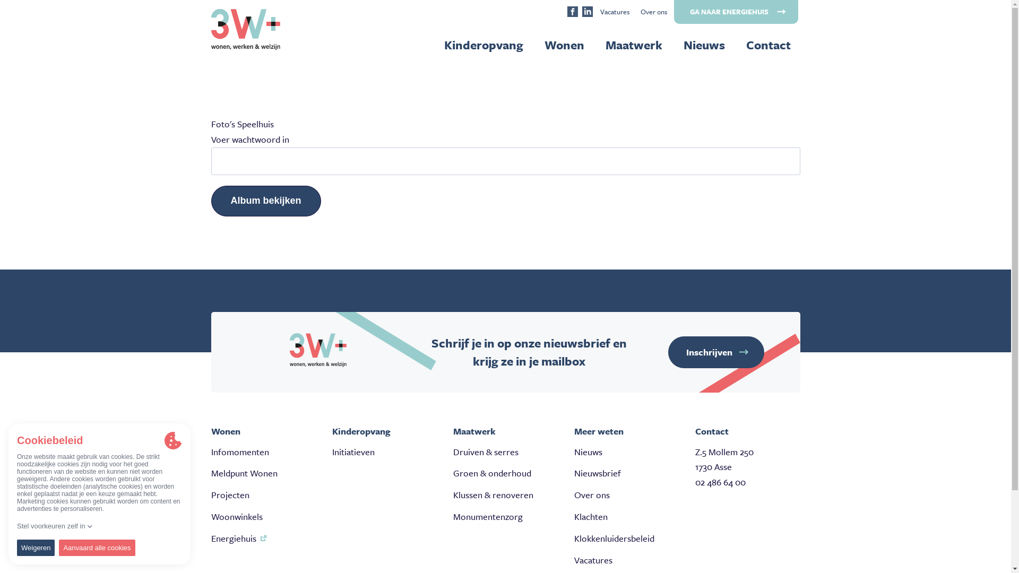  What do you see at coordinates (266, 201) in the screenshot?
I see `'Album bekijken'` at bounding box center [266, 201].